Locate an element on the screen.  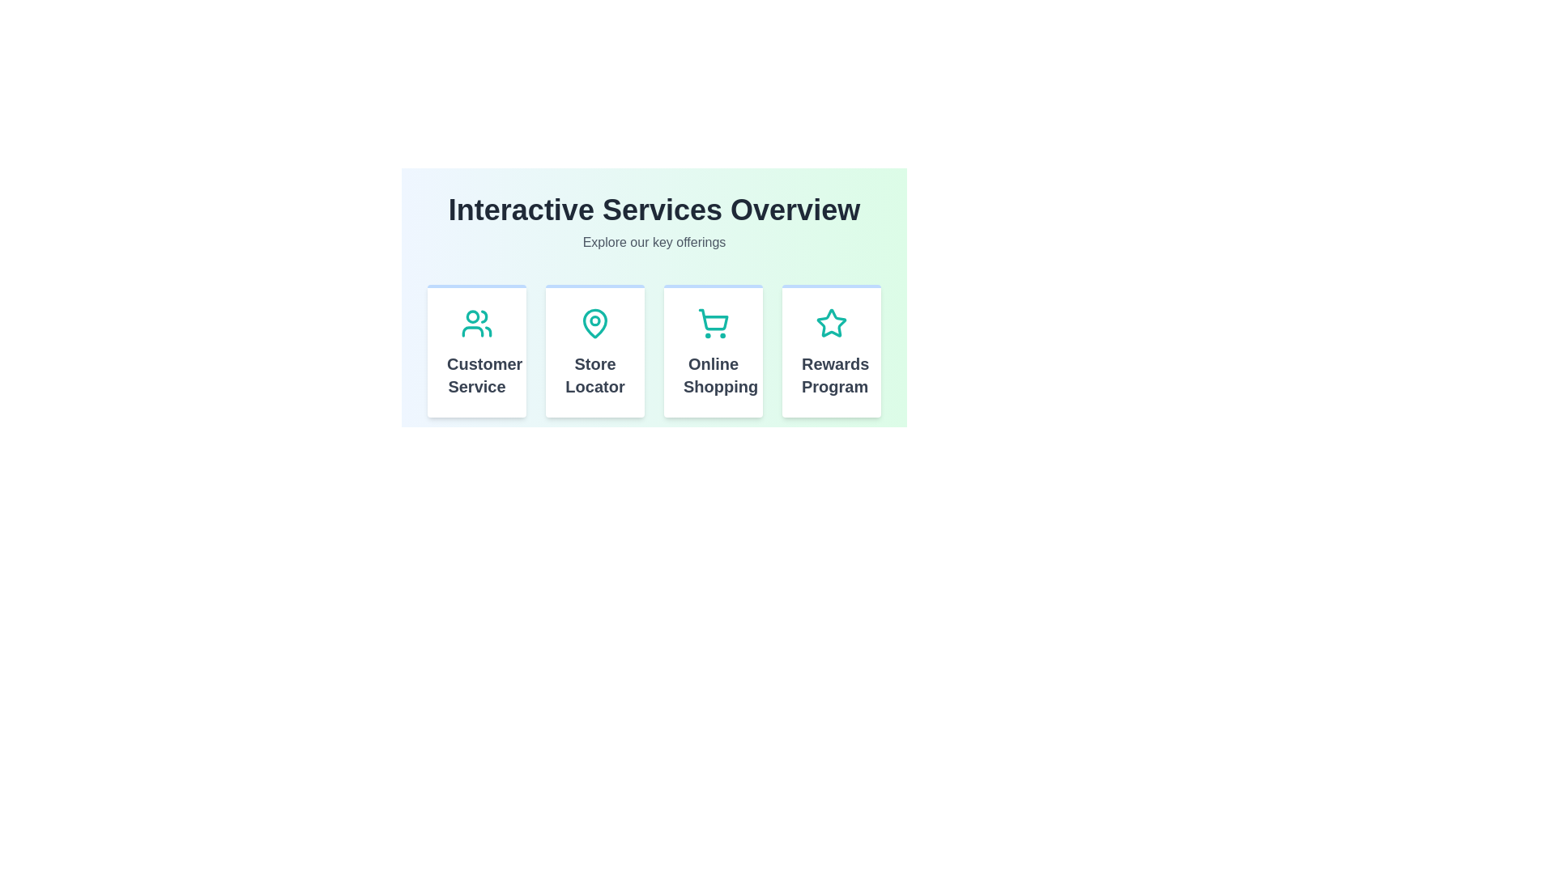
the decorative Circle element at the center of the 'map pin' icon located on the second card from the left in a row of four cards is located at coordinates (594, 320).